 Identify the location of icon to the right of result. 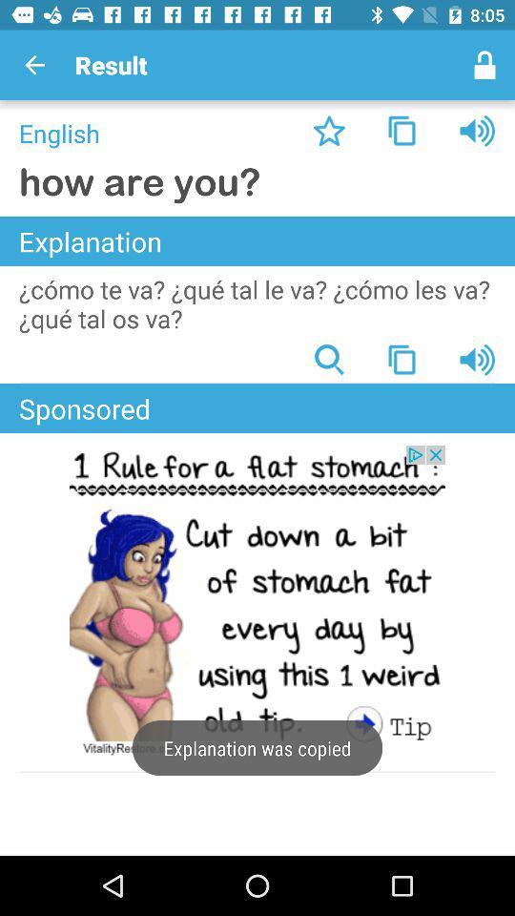
(484, 65).